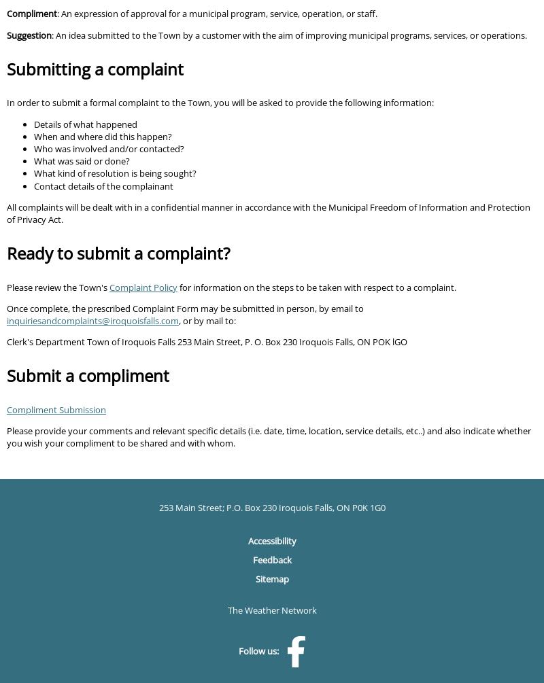  What do you see at coordinates (103, 135) in the screenshot?
I see `'When and where did this happen?'` at bounding box center [103, 135].